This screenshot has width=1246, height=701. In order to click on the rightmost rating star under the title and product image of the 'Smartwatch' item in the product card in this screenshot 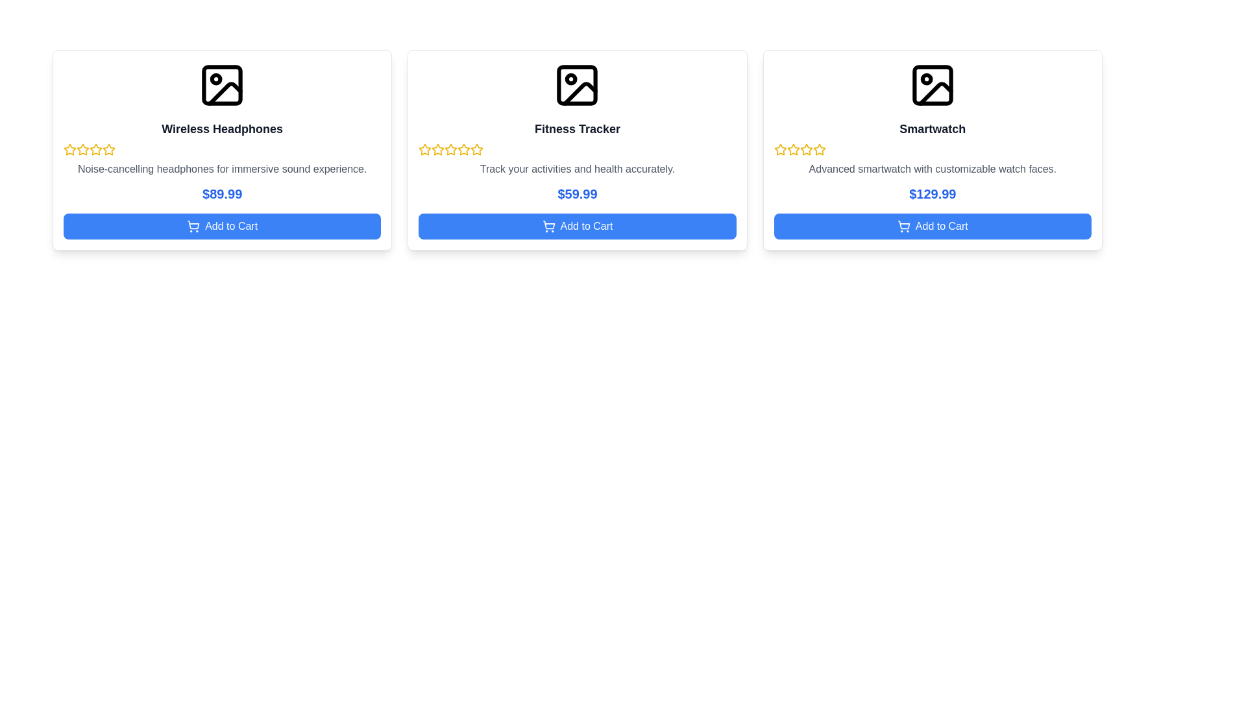, I will do `click(792, 149)`.